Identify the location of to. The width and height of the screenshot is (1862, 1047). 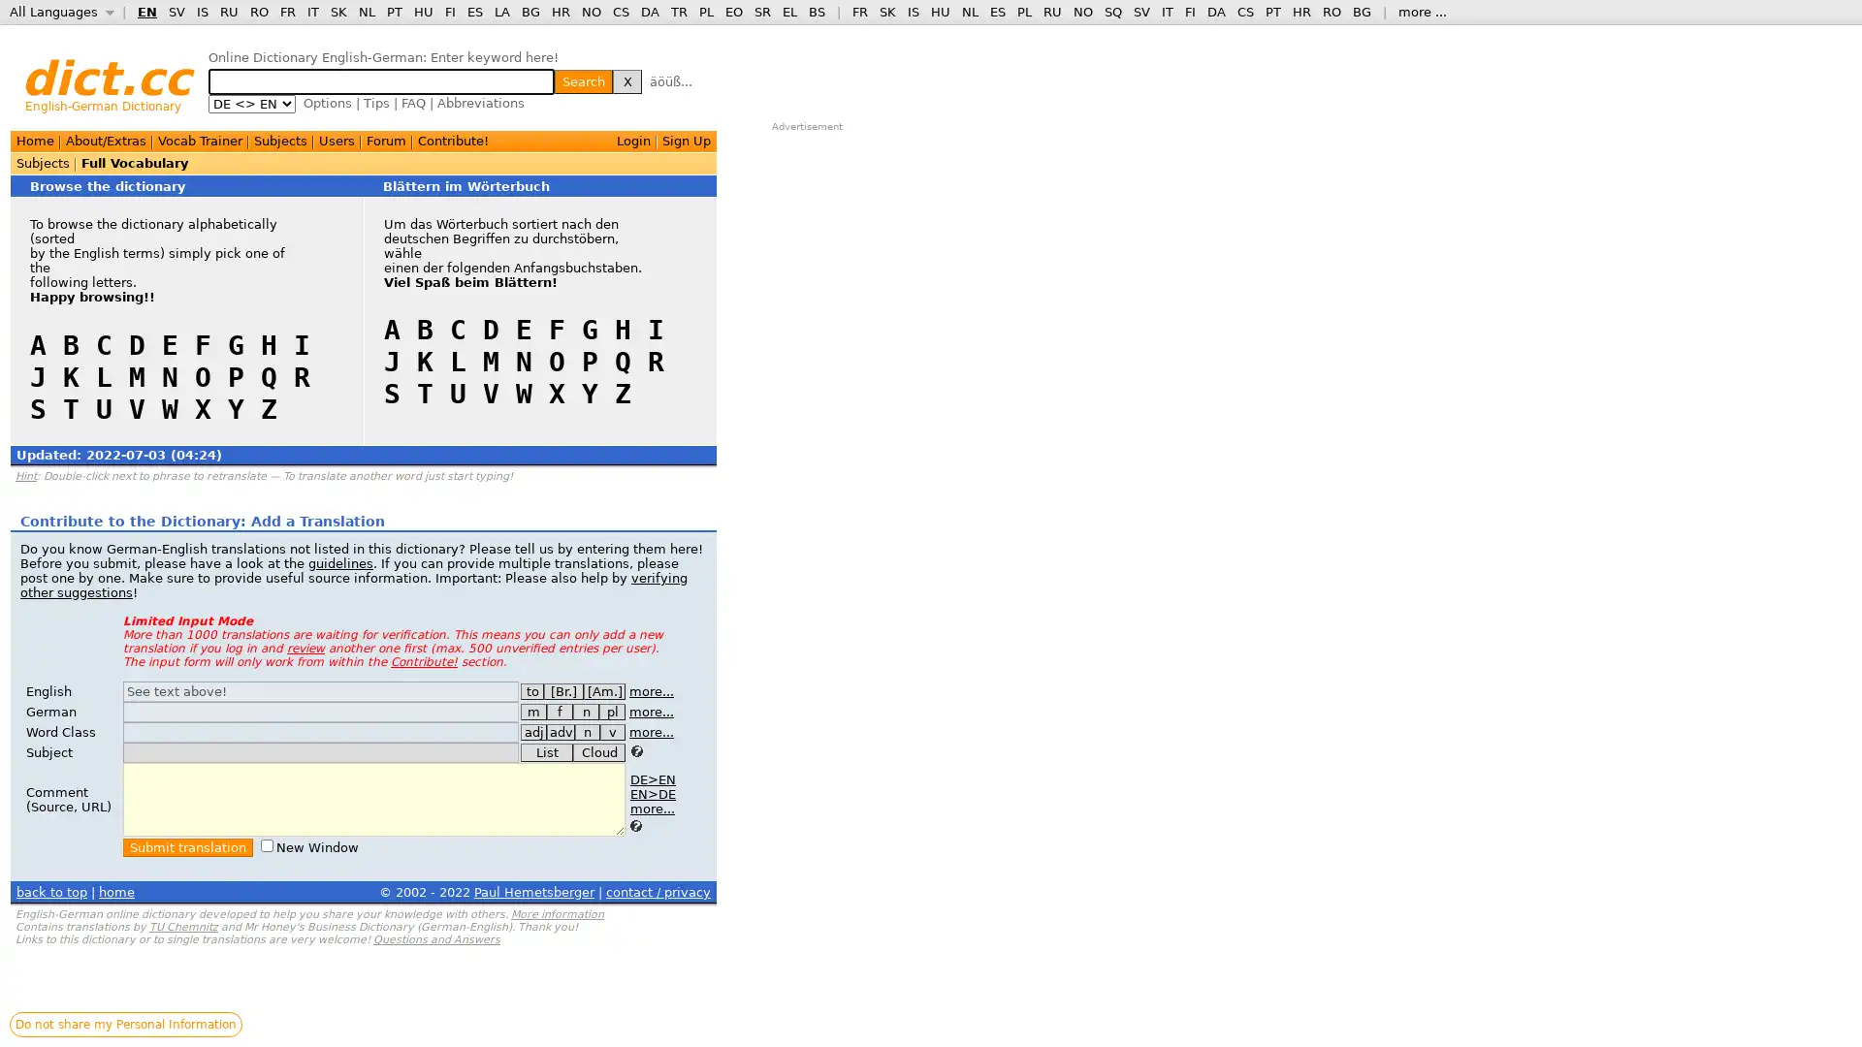
(531, 690).